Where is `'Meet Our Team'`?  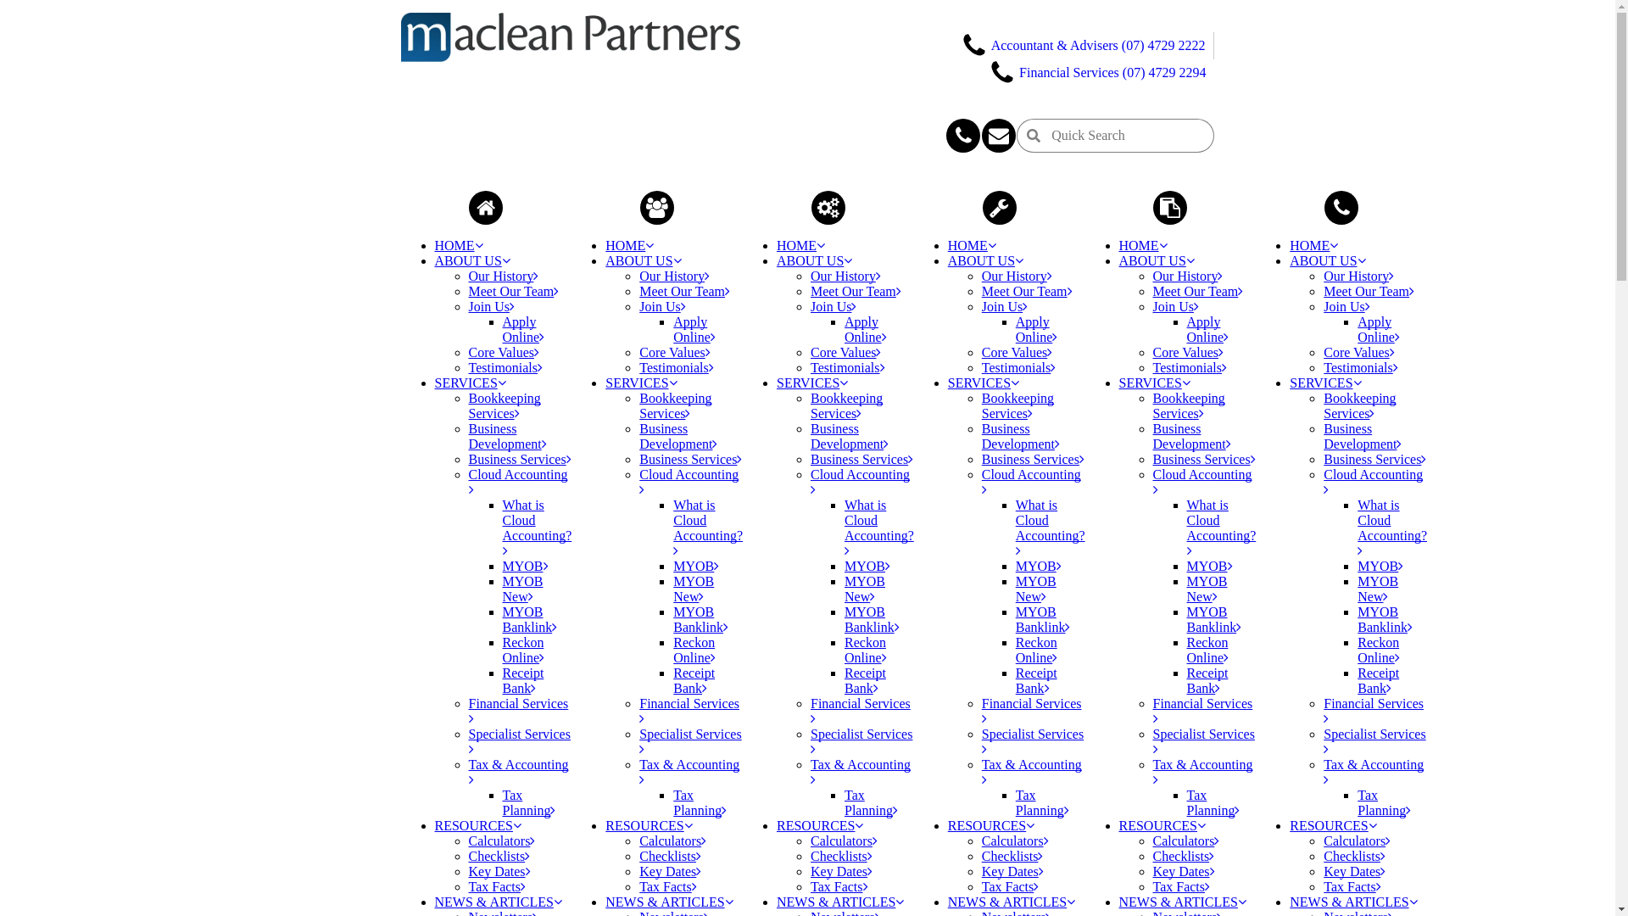
'Meet Our Team' is located at coordinates (684, 290).